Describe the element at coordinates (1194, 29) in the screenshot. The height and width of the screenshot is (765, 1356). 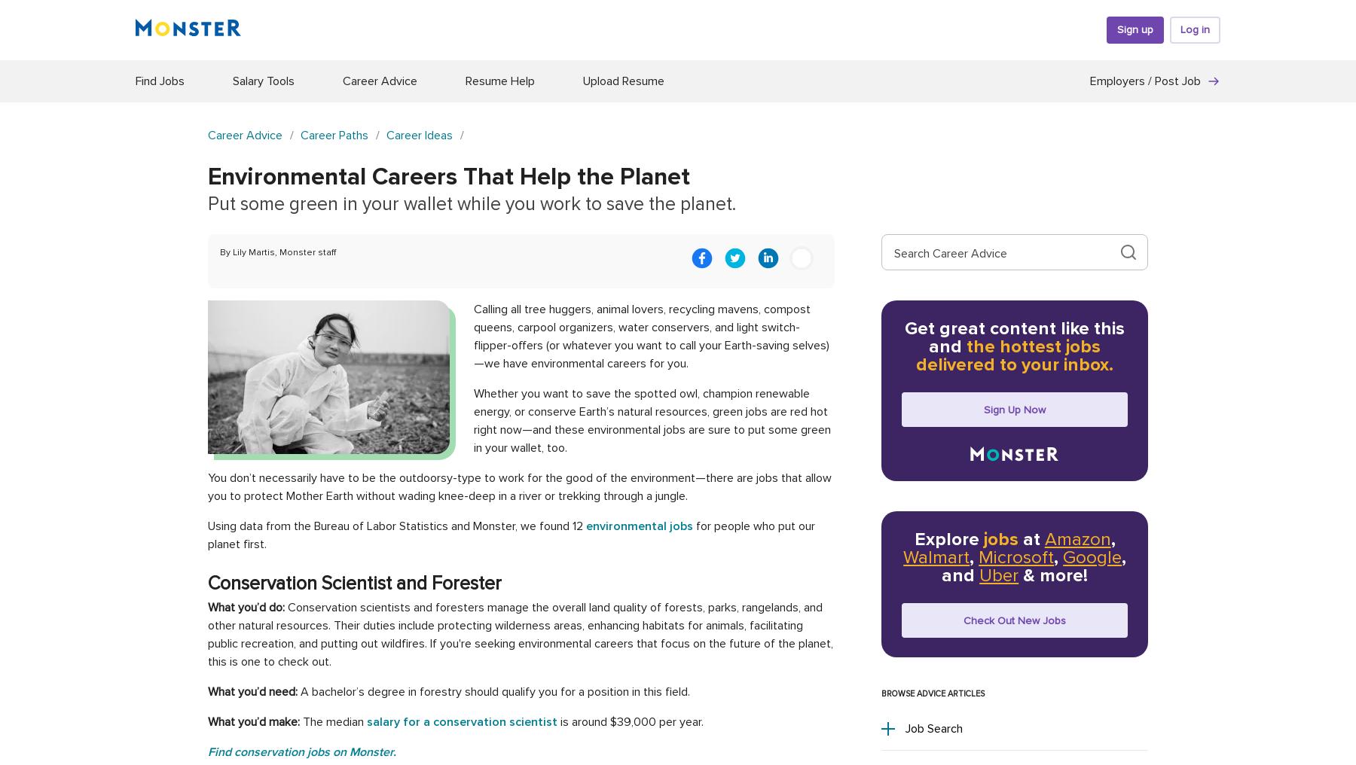
I see `'Log in'` at that location.